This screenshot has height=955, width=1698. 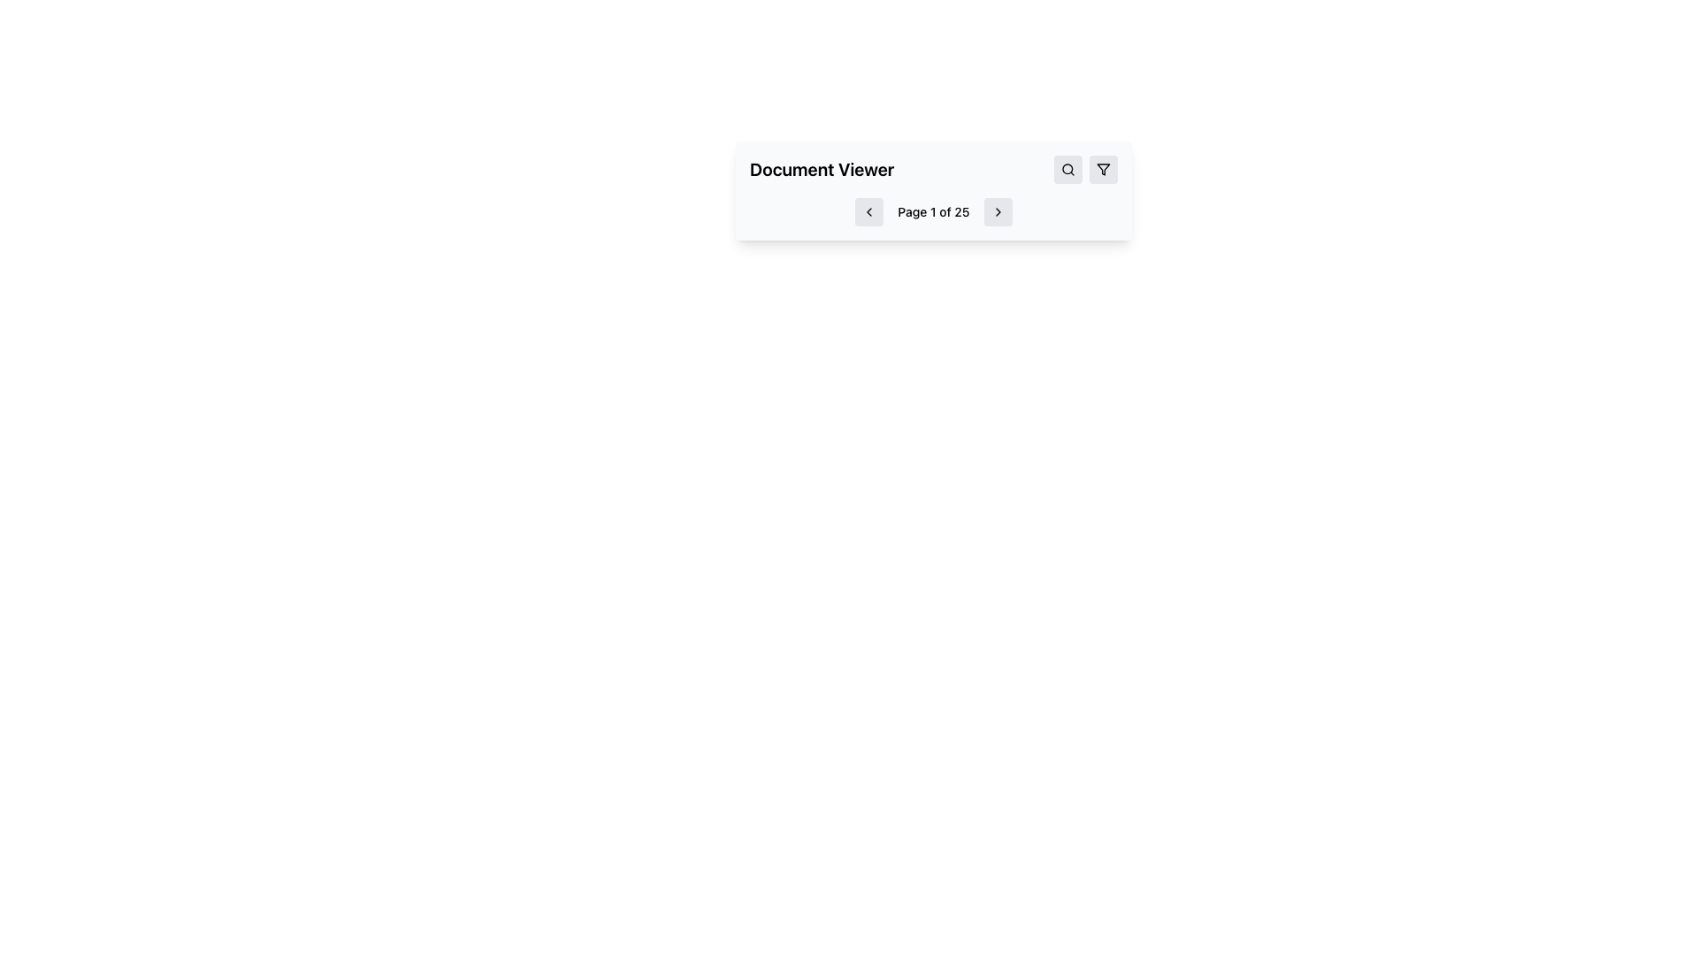 What do you see at coordinates (1103, 170) in the screenshot?
I see `the filter icon, which is a triangular shape with thin strokes located in the upper right of the toolbar, to trigger the tooltip or visual response` at bounding box center [1103, 170].